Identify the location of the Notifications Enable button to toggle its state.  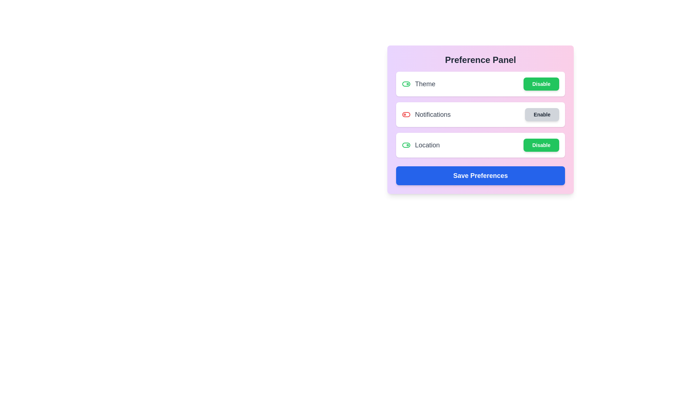
(542, 115).